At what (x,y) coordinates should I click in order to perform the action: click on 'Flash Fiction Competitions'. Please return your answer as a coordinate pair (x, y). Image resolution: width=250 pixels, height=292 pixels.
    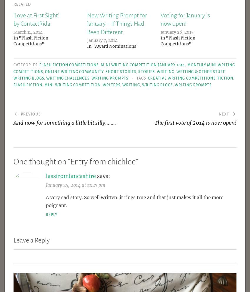
    Looking at the image, I should click on (69, 65).